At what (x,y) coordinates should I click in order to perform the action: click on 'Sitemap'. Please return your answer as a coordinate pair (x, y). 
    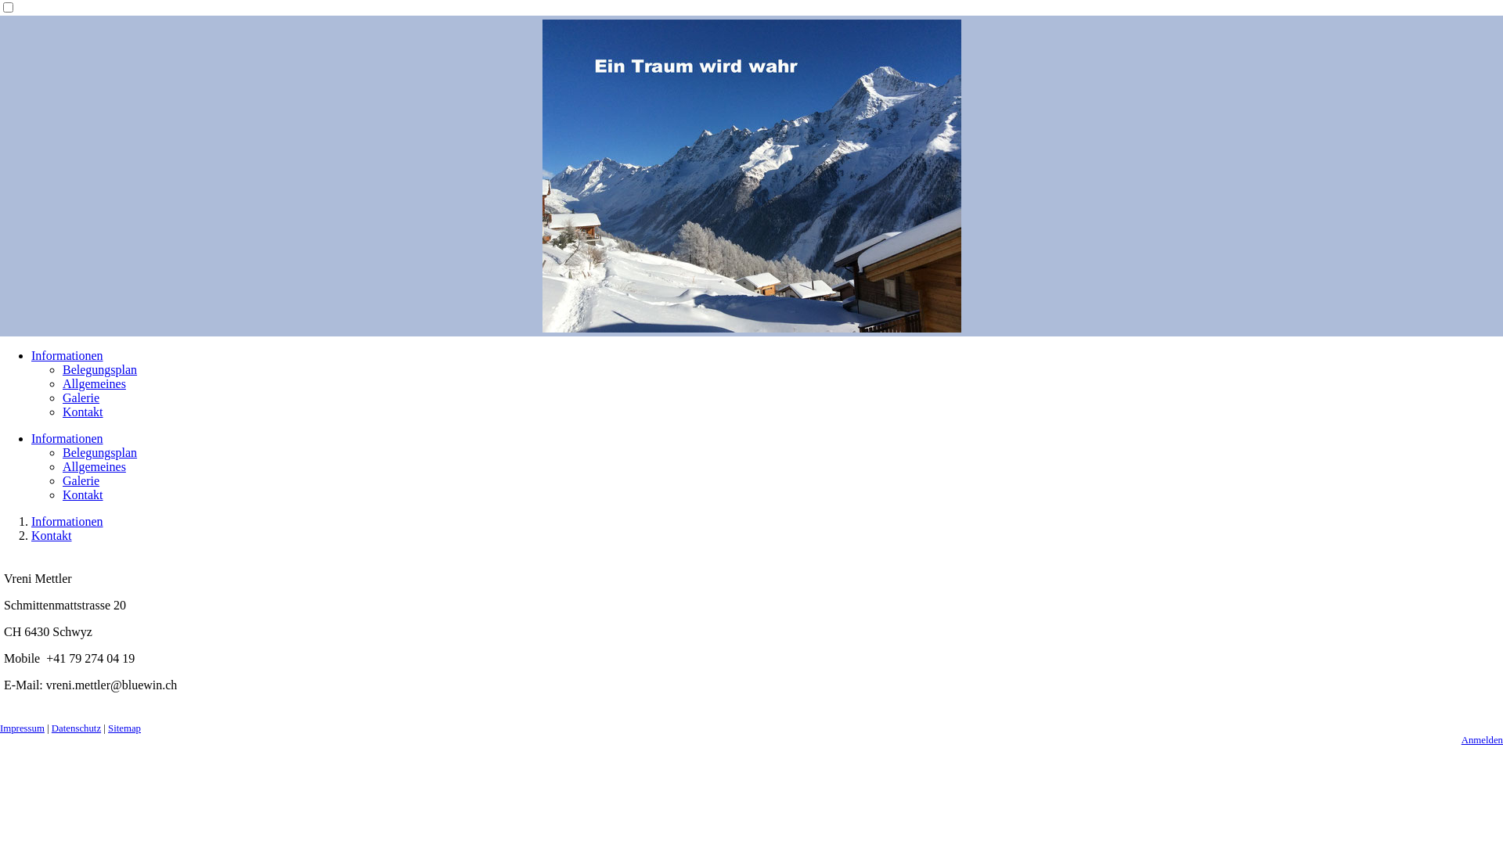
    Looking at the image, I should click on (123, 728).